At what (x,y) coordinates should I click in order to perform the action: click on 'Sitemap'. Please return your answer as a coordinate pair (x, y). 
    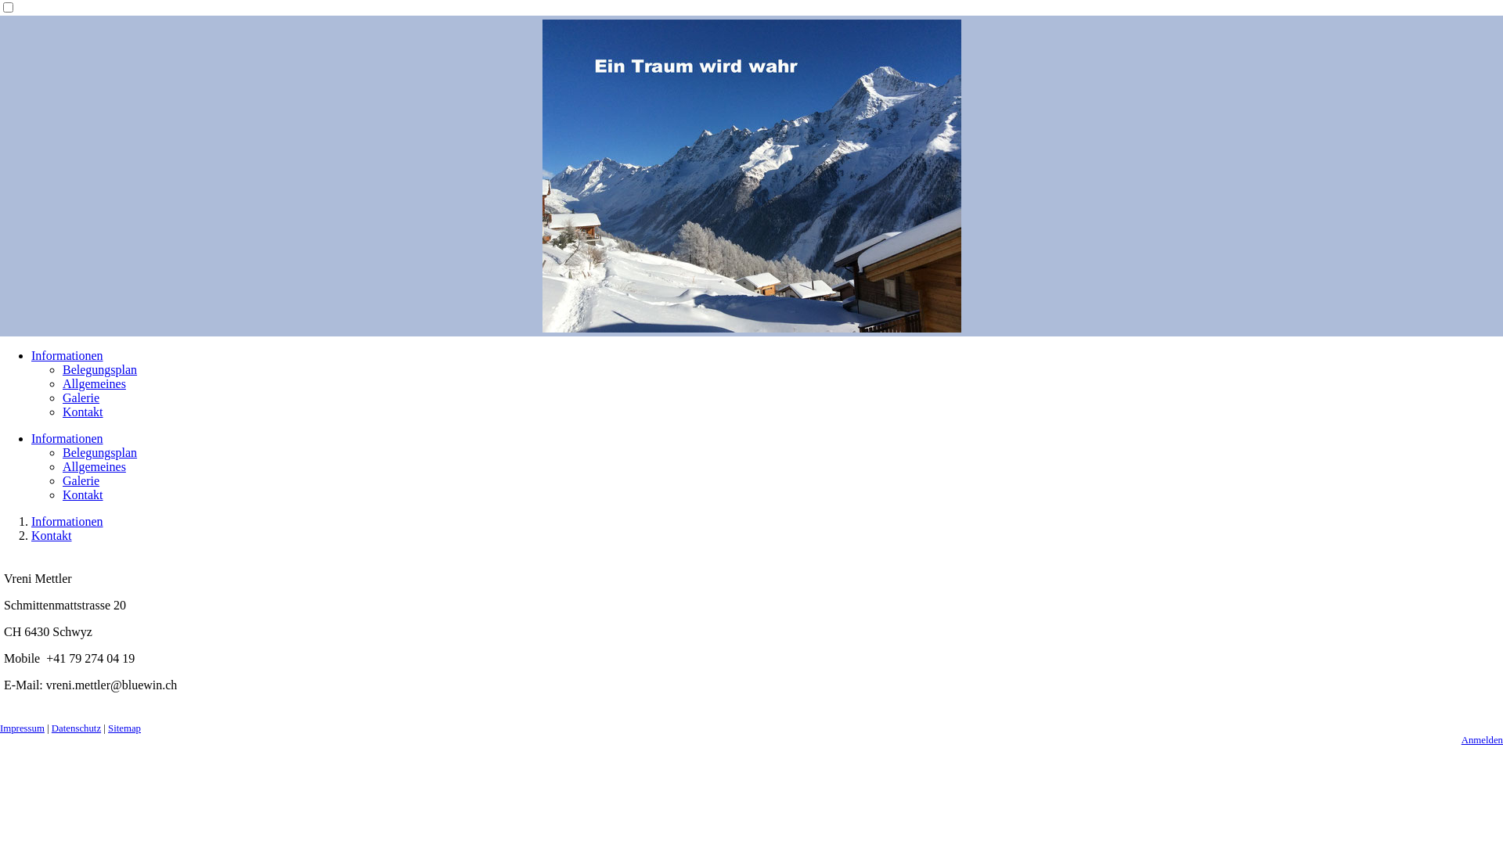
    Looking at the image, I should click on (123, 728).